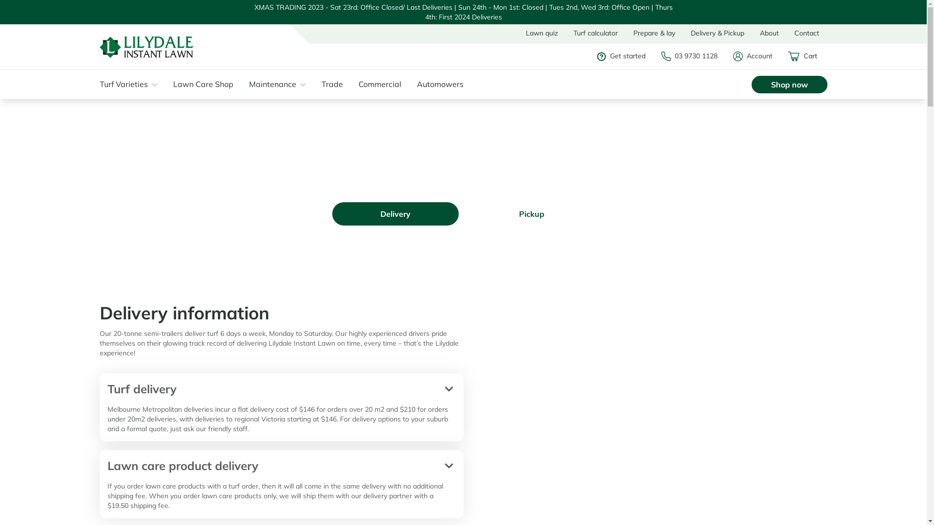  I want to click on 'Prepare & lay', so click(654, 33).